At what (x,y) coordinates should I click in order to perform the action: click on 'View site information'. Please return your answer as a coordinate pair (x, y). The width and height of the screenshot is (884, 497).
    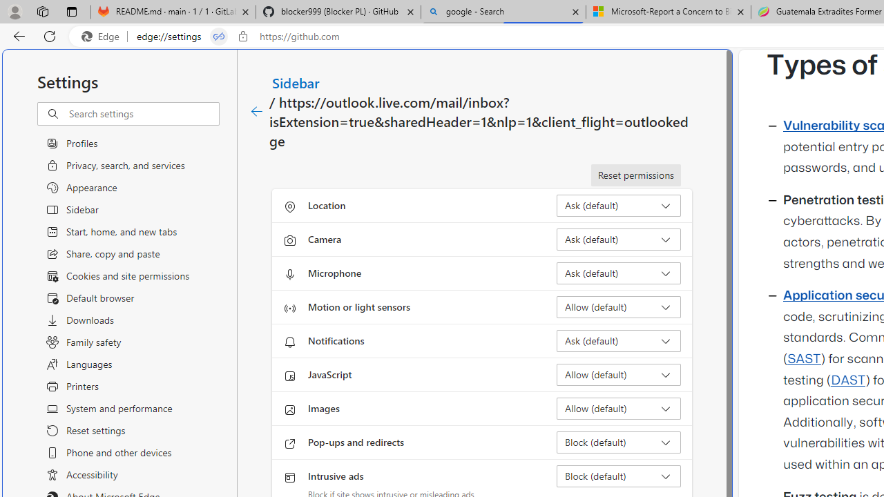
    Looking at the image, I should click on (243, 36).